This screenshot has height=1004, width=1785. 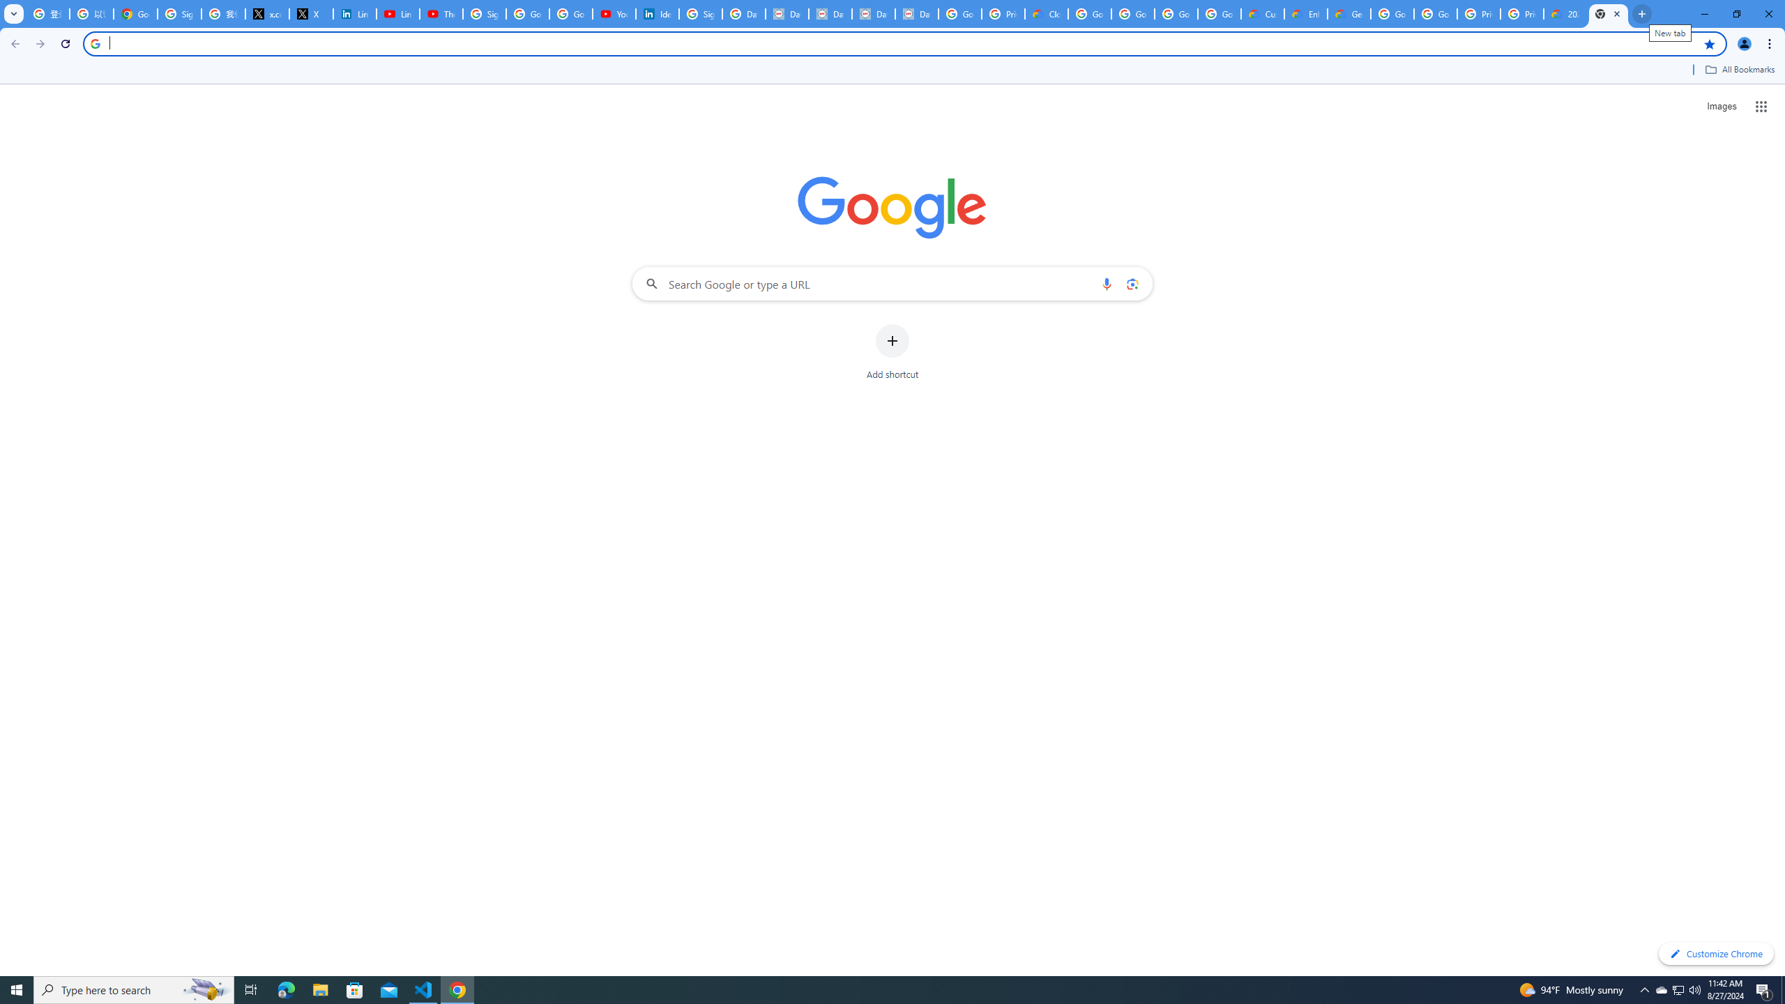 What do you see at coordinates (787, 13) in the screenshot?
I see `'Data Privacy Framework'` at bounding box center [787, 13].